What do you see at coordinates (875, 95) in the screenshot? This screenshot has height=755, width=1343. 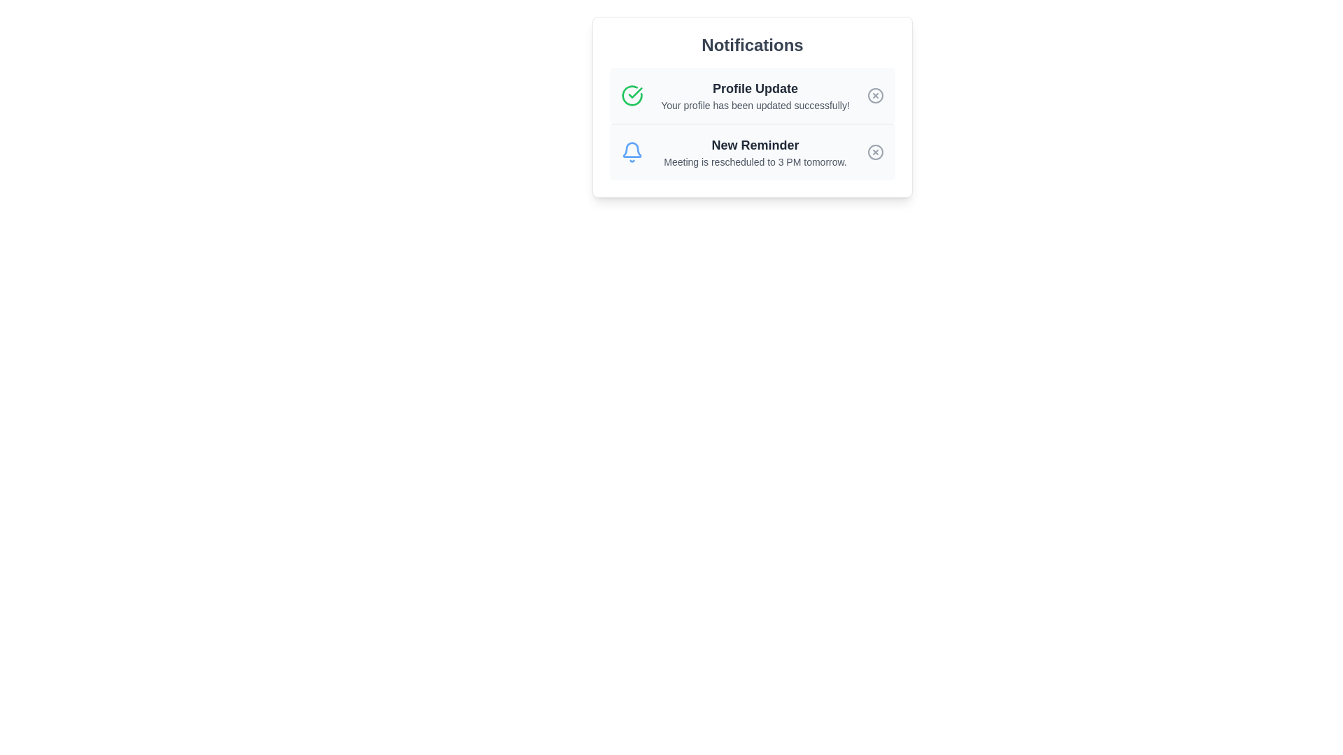 I see `the SVG circle that is part of the cross icon, which indicates a 'close' or 'delete' functionality associated with the 'Profile Update' notification` at bounding box center [875, 95].